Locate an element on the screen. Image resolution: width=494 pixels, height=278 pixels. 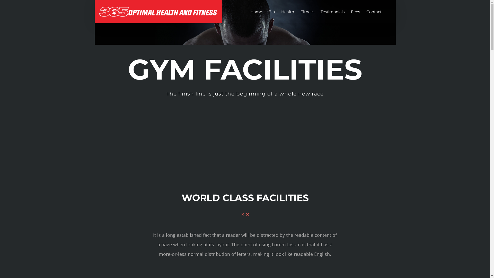
'Bio' is located at coordinates (271, 12).